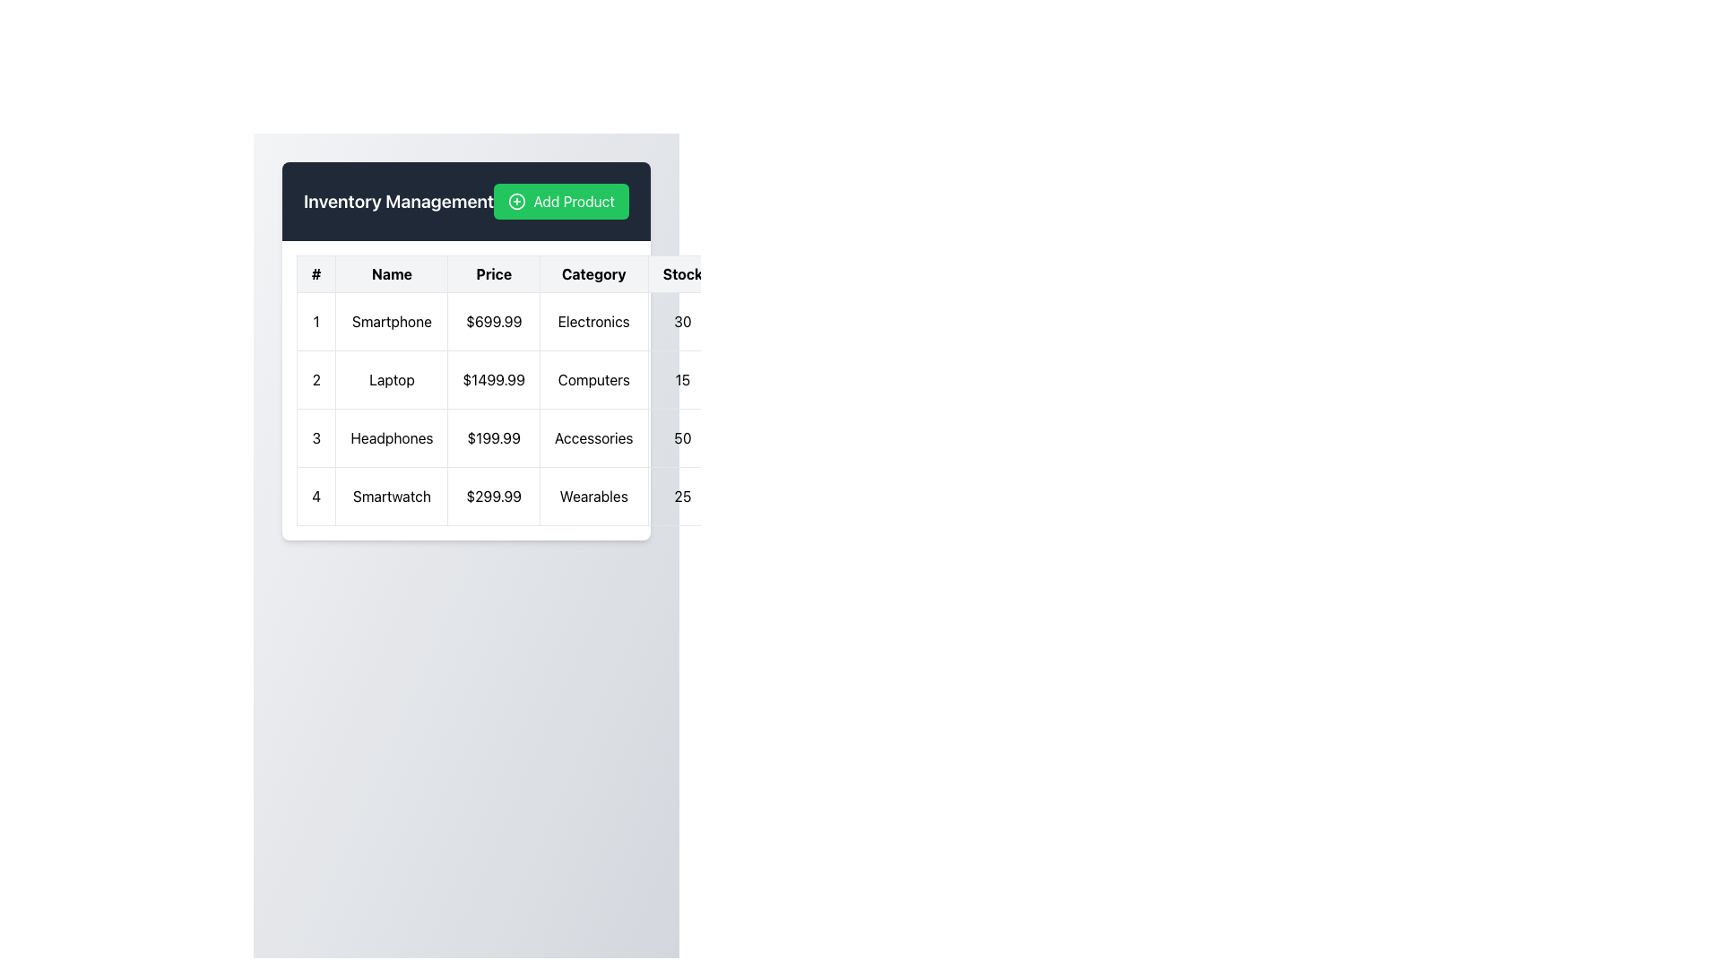 Image resolution: width=1721 pixels, height=968 pixels. What do you see at coordinates (494, 497) in the screenshot?
I see `the 'Price' text cell in the fourth row of the table, which displays the price of the item in the same row, following the 'Smartwatch' entry` at bounding box center [494, 497].